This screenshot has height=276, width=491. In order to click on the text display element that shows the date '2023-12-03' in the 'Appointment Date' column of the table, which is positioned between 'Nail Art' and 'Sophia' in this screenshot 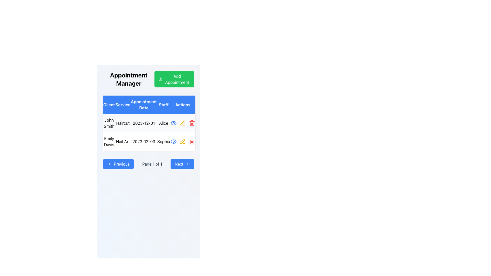, I will do `click(143, 142)`.